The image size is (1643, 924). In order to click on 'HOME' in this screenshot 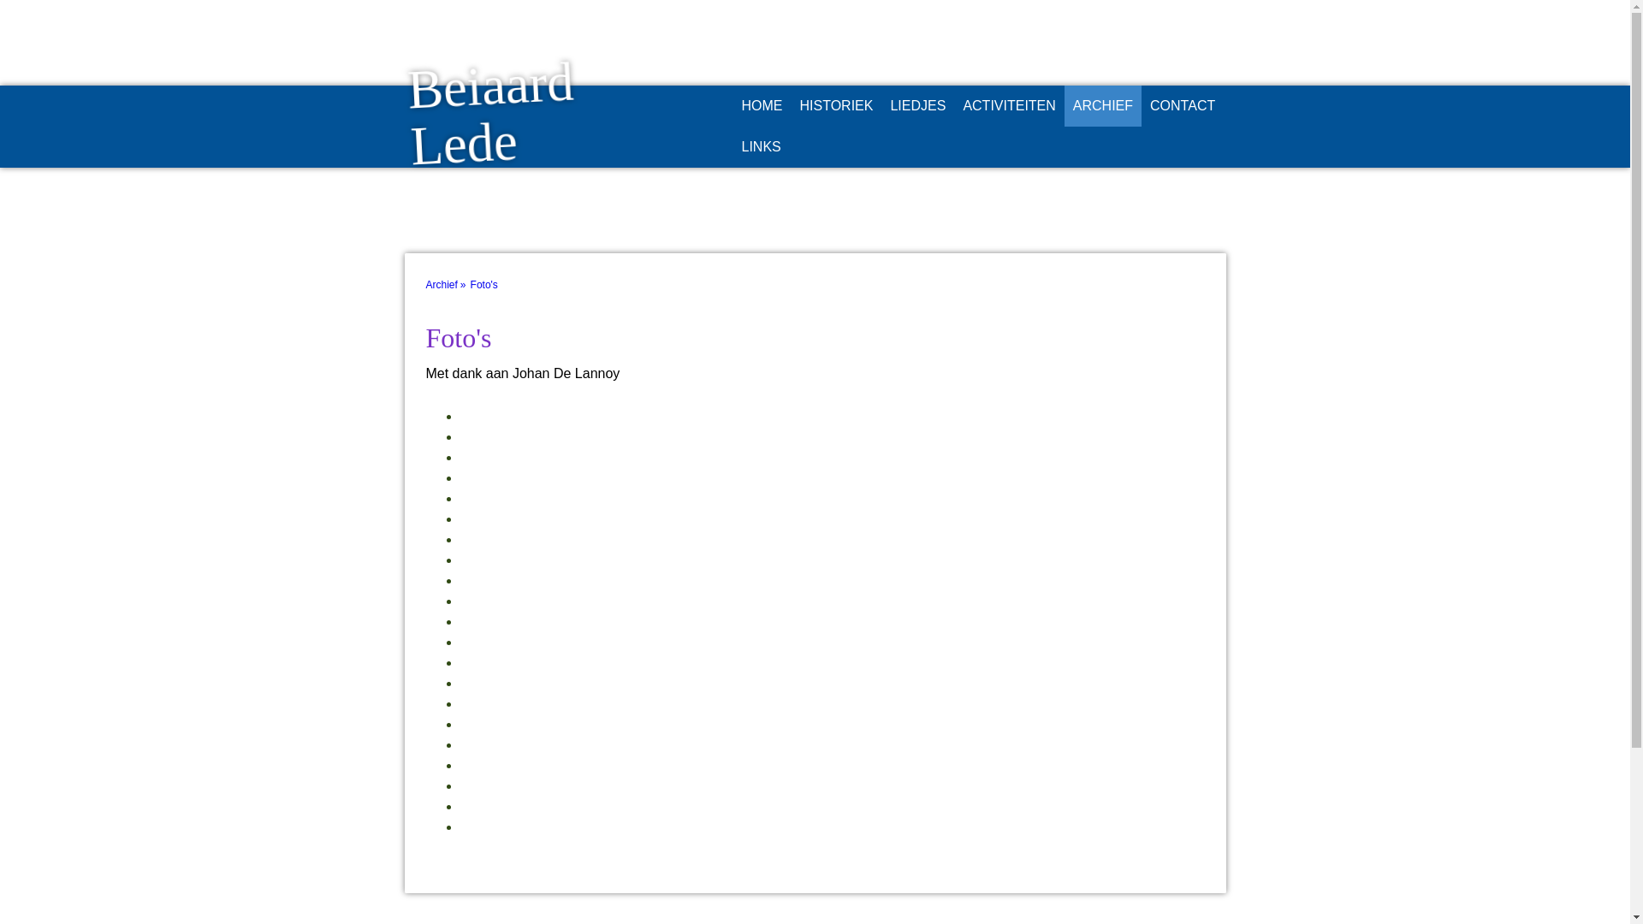, I will do `click(760, 105)`.